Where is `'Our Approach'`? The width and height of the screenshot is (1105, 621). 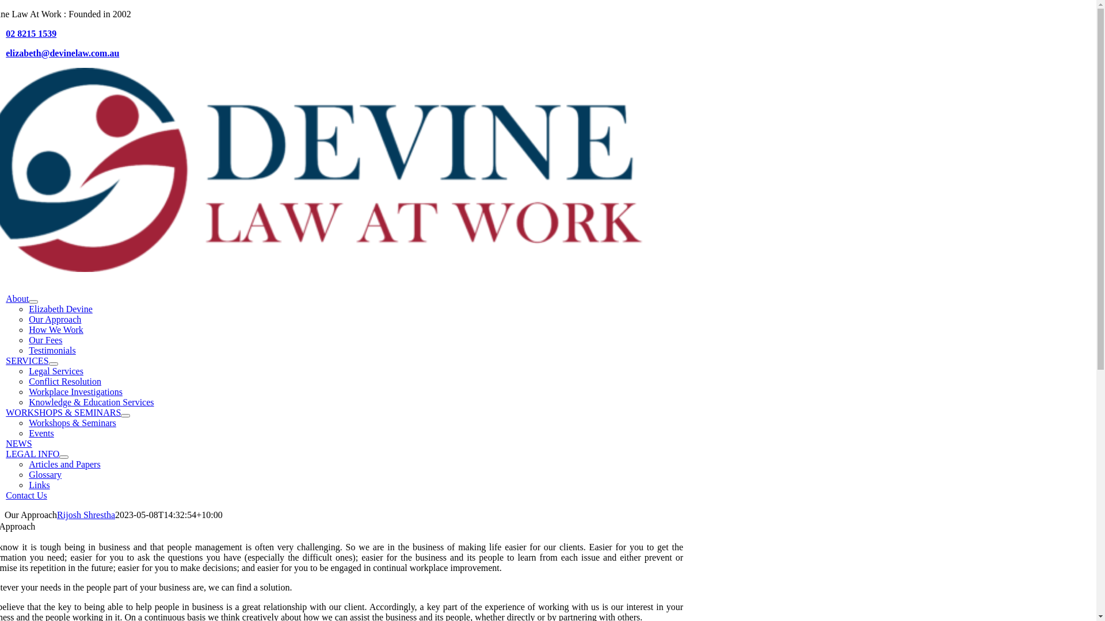 'Our Approach' is located at coordinates (54, 319).